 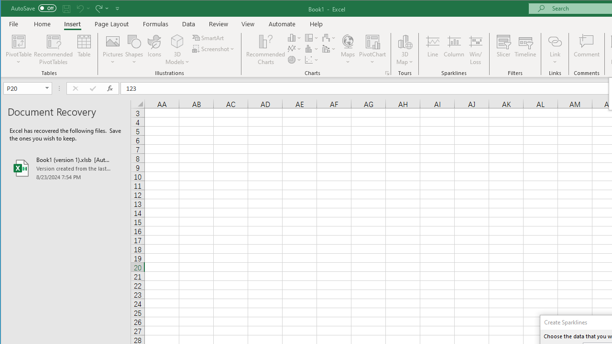 What do you see at coordinates (312, 37) in the screenshot?
I see `'Insert Hierarchy Chart'` at bounding box center [312, 37].